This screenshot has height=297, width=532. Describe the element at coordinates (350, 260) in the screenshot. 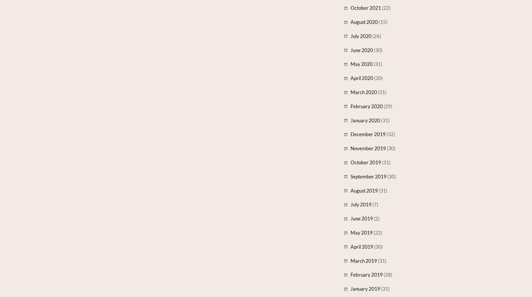

I see `'March 2019'` at that location.